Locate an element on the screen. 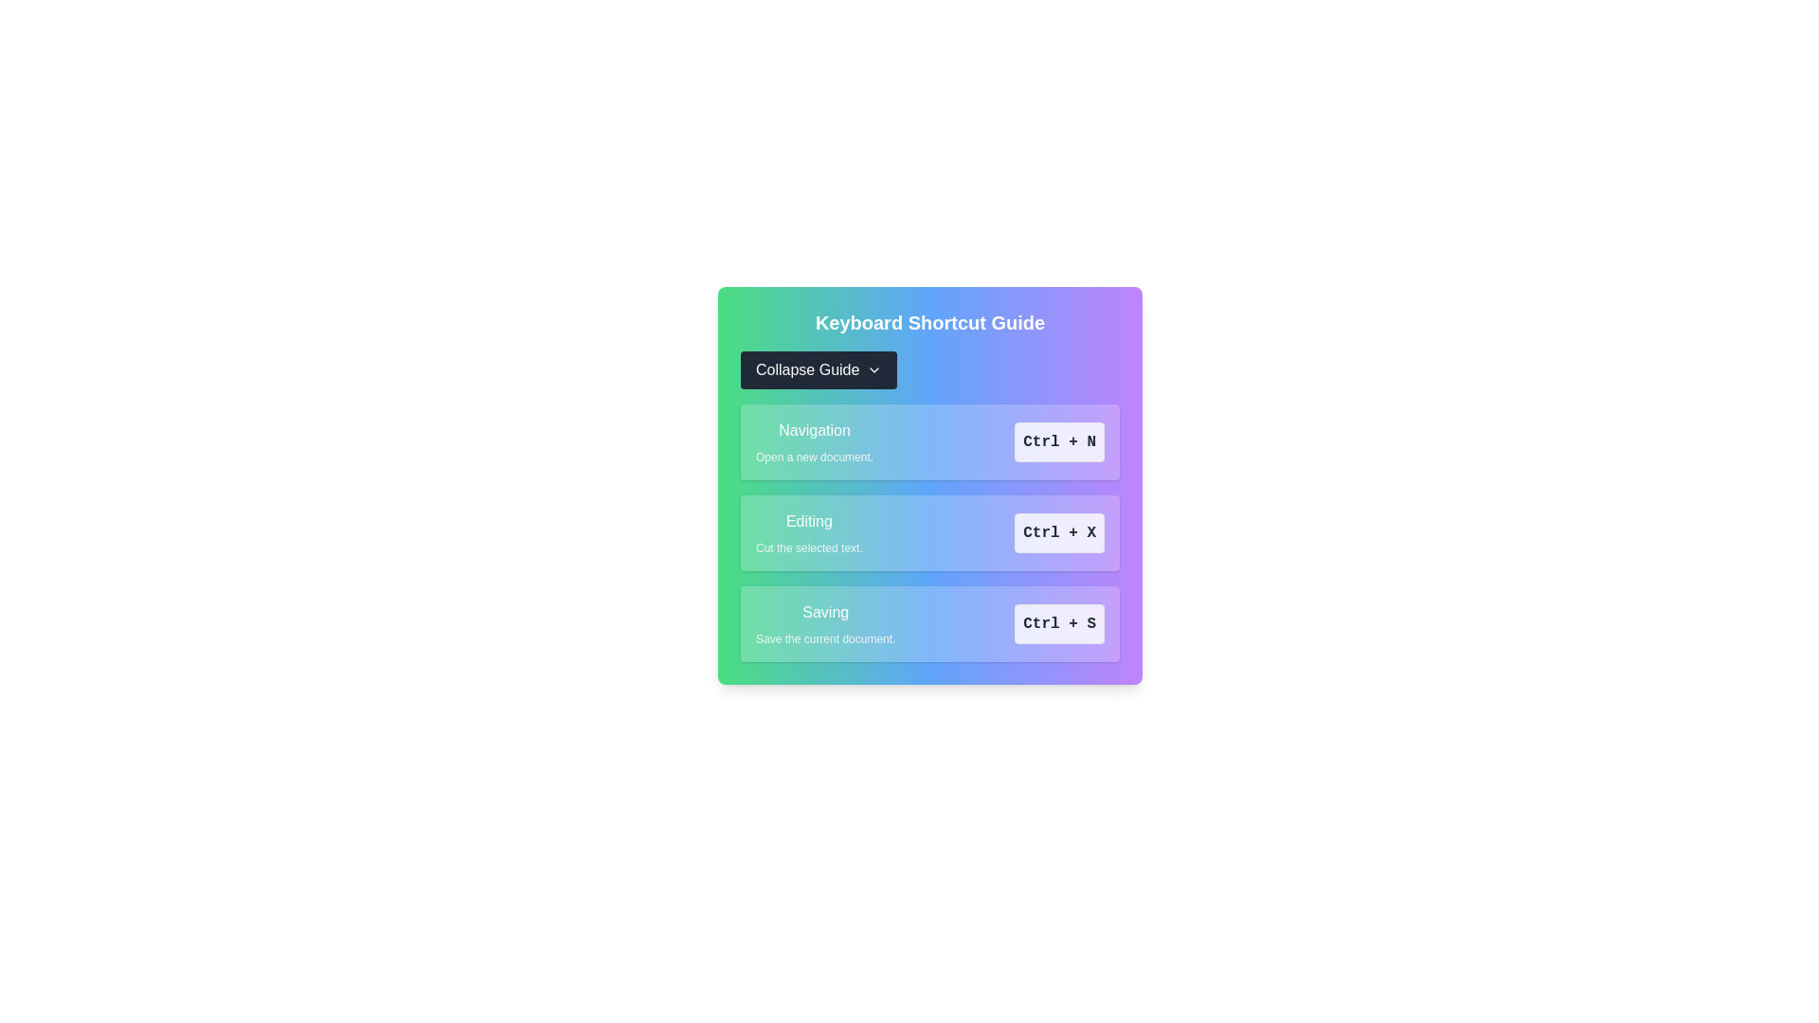 The width and height of the screenshot is (1819, 1023). the 'Ctrl + S' text label on the rounded rectangular button with a light gray background, located in the third row of options next to the 'Saving' label is located at coordinates (1058, 624).